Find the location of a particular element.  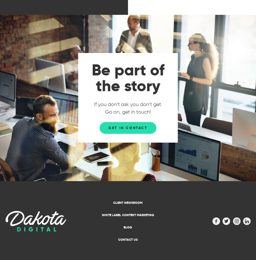

'Get in contact' is located at coordinates (128, 127).